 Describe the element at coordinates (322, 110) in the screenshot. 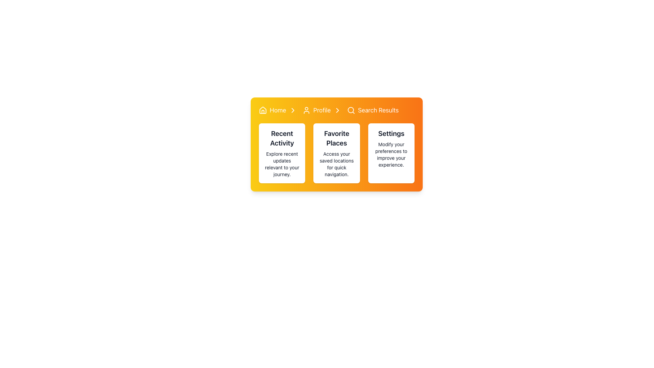

I see `the 'Profile' text link which is styled with white text on an orange background in the breadcrumb navigation bar` at that location.